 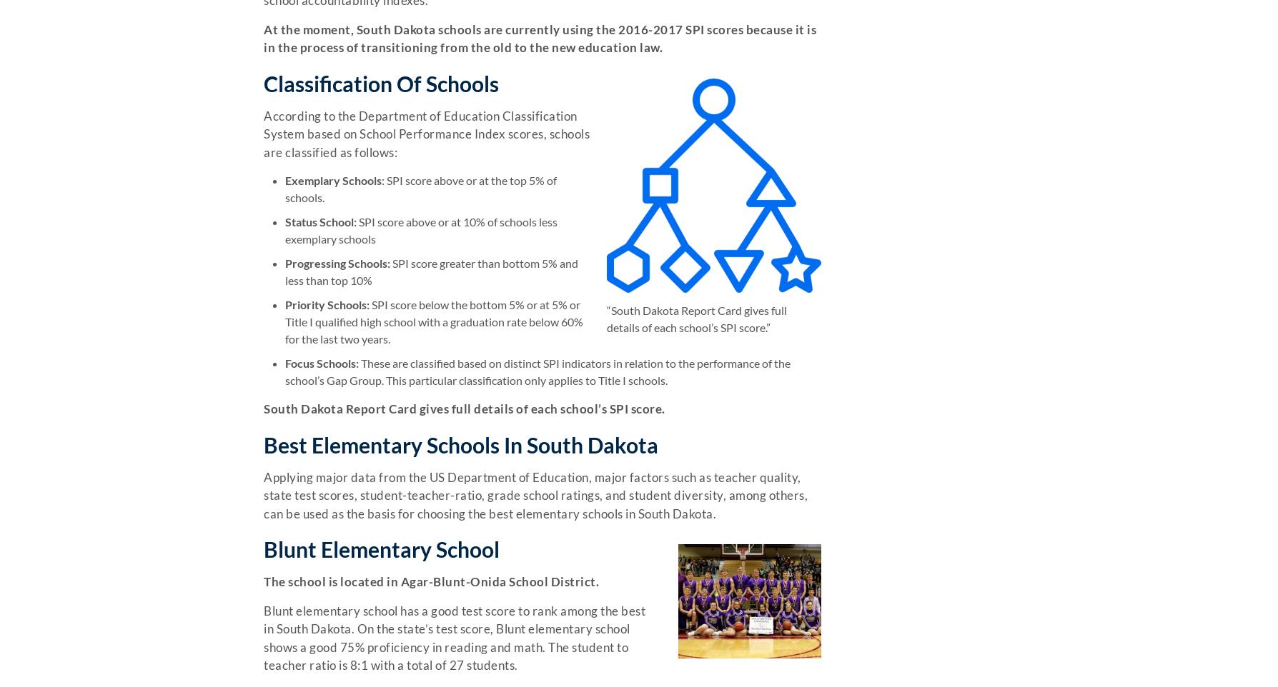 What do you see at coordinates (322, 362) in the screenshot?
I see `'Focus Schools:'` at bounding box center [322, 362].